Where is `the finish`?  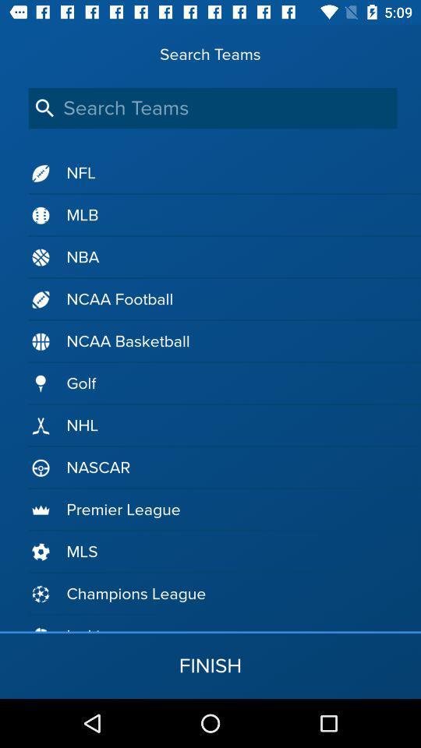 the finish is located at coordinates (210, 665).